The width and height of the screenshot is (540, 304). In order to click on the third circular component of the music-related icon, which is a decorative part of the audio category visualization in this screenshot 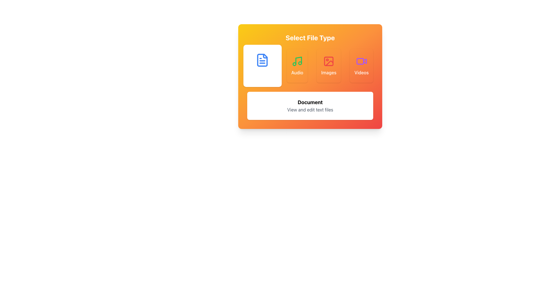, I will do `click(300, 63)`.